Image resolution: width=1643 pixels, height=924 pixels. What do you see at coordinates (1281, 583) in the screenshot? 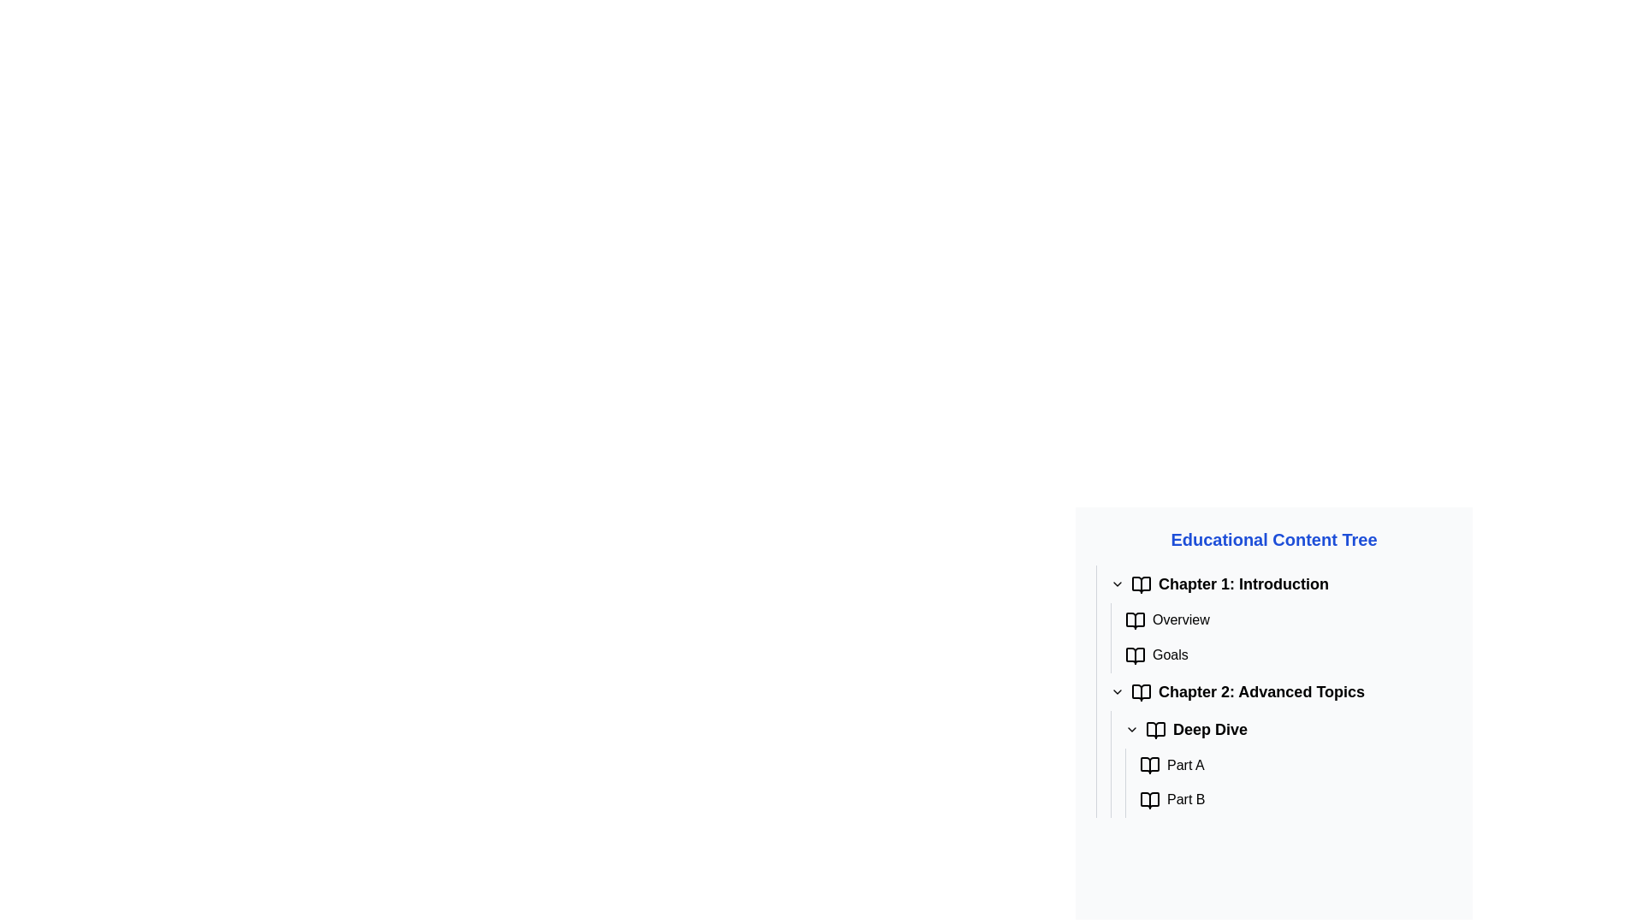
I see `the Text header with an icon representing the first chapter of the educational material` at bounding box center [1281, 583].